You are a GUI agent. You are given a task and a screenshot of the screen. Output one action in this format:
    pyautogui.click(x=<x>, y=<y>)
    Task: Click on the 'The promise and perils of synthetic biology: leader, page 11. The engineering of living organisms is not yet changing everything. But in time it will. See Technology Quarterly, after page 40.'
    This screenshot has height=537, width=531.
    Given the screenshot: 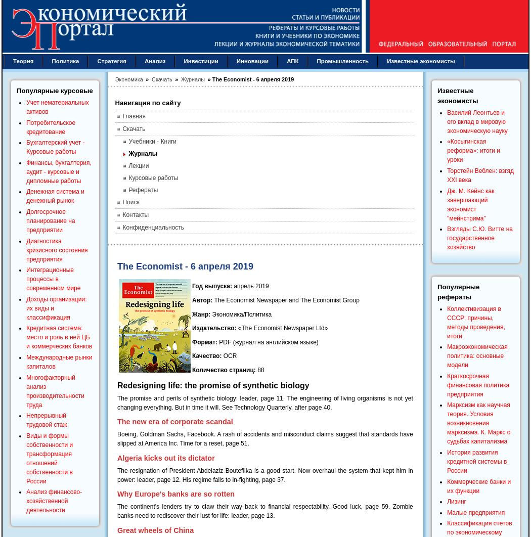 What is the action you would take?
    pyautogui.click(x=264, y=402)
    